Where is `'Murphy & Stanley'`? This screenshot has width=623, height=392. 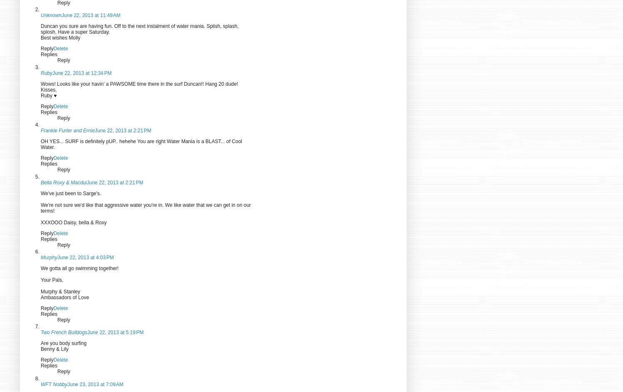 'Murphy & Stanley' is located at coordinates (60, 291).